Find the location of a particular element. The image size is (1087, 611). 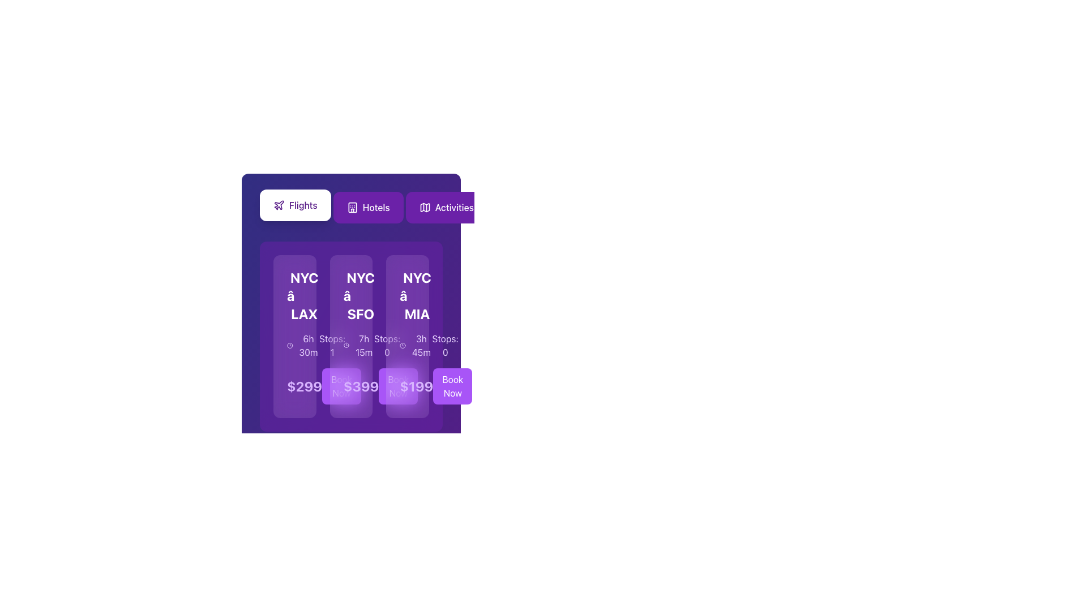

information displayed in the text label that conveys the total duration of the NYC to LAX flight, located below the clock icon in the flight details section is located at coordinates (308, 345).